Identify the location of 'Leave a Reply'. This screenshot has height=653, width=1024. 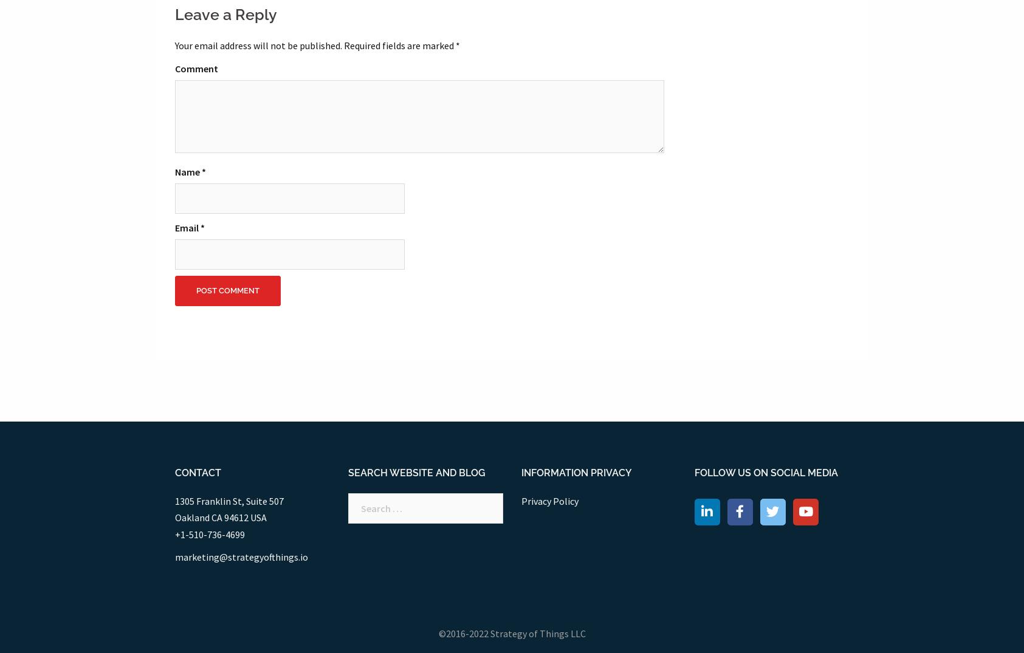
(225, 13).